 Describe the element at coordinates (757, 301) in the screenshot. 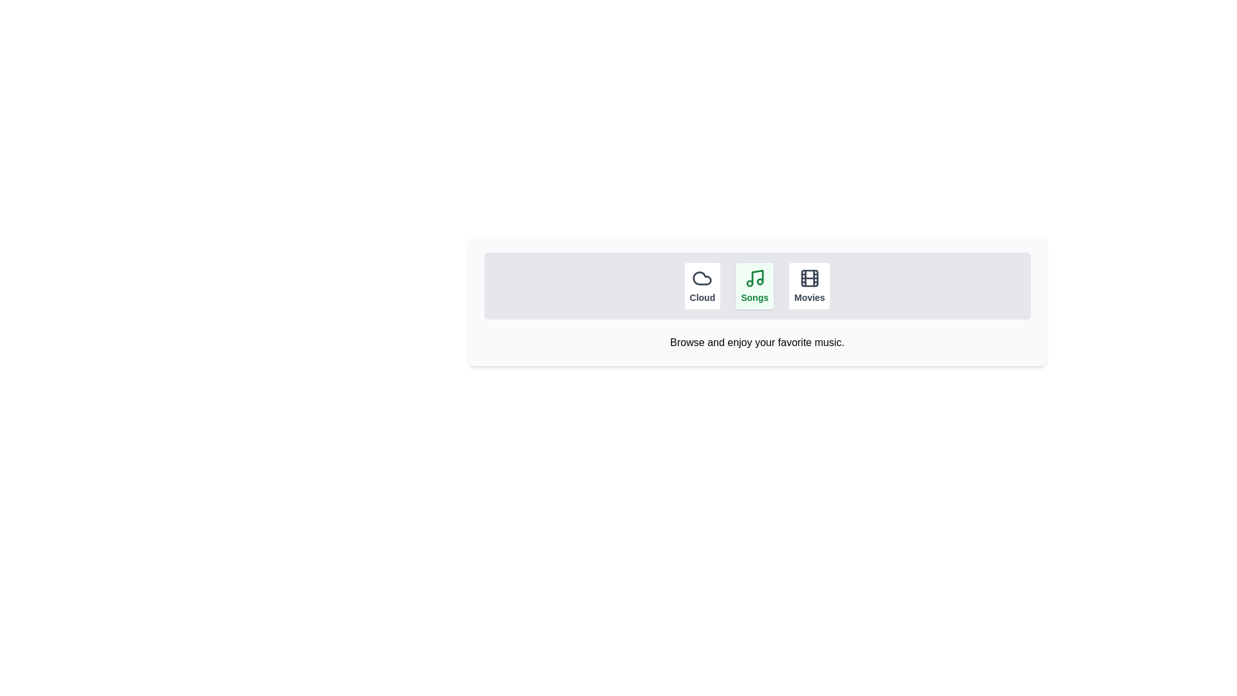

I see `the 'Songs' option in the interactive card-based menu, which is a rectangular box with a light gray background and rounded corners` at that location.